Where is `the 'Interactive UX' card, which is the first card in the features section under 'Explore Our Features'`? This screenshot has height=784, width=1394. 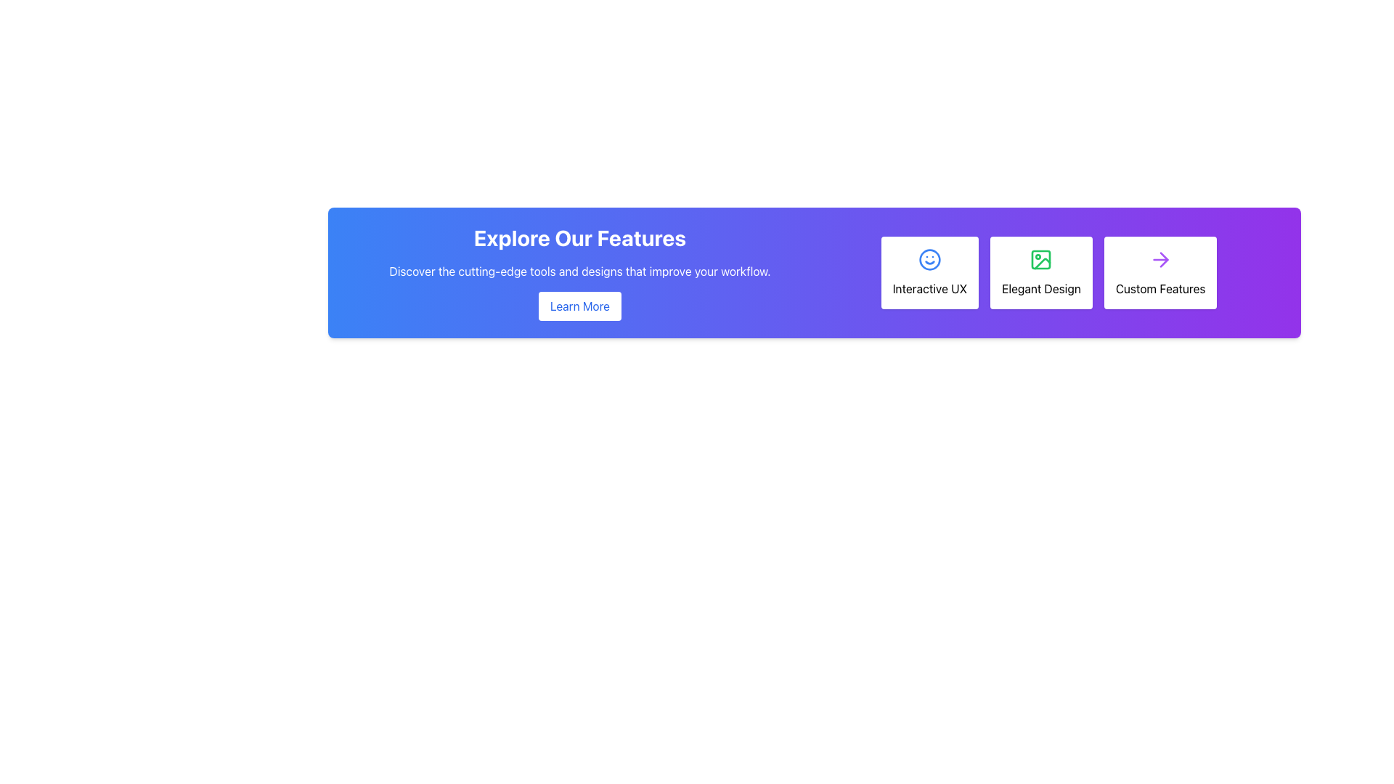
the 'Interactive UX' card, which is the first card in the features section under 'Explore Our Features' is located at coordinates (929, 272).